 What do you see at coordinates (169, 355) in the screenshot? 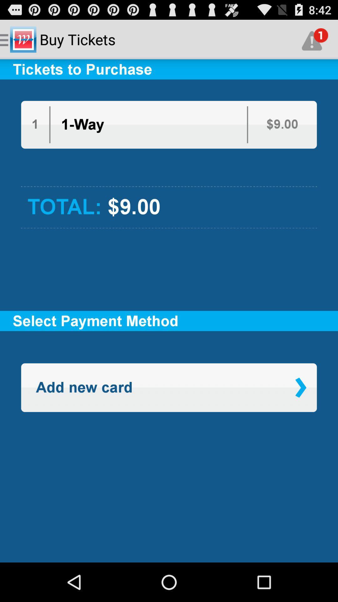
I see `the icon above the add new card app` at bounding box center [169, 355].